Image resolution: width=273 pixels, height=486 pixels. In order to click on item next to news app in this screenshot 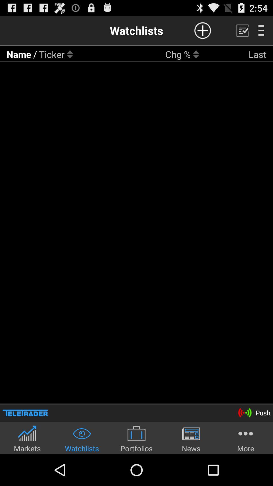, I will do `click(136, 438)`.